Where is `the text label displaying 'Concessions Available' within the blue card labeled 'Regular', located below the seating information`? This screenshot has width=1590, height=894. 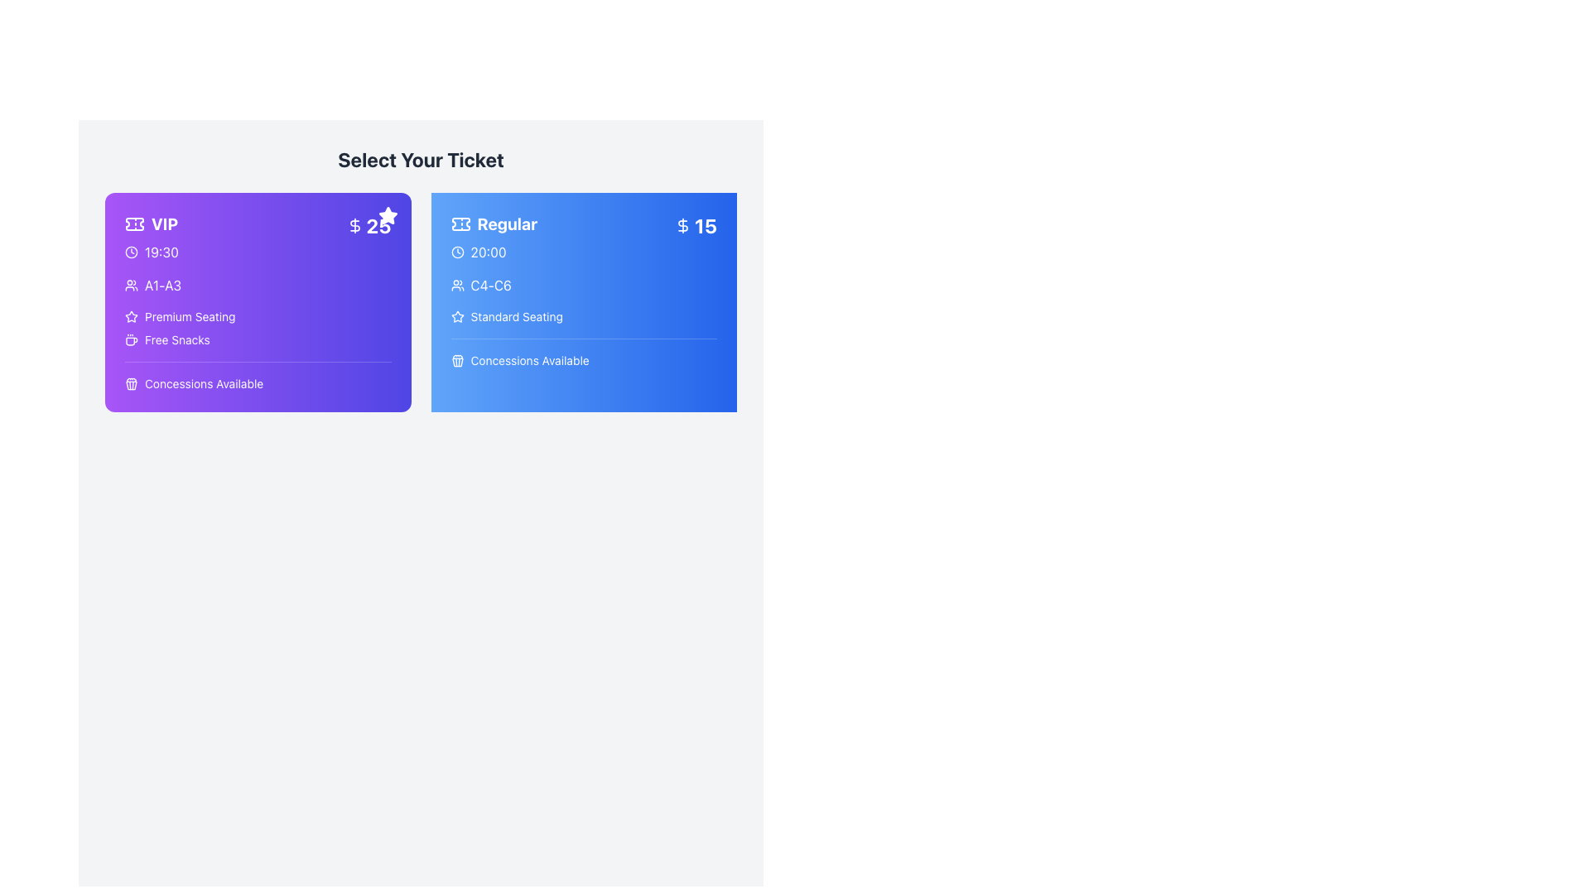
the text label displaying 'Concessions Available' within the blue card labeled 'Regular', located below the seating information is located at coordinates (584, 359).